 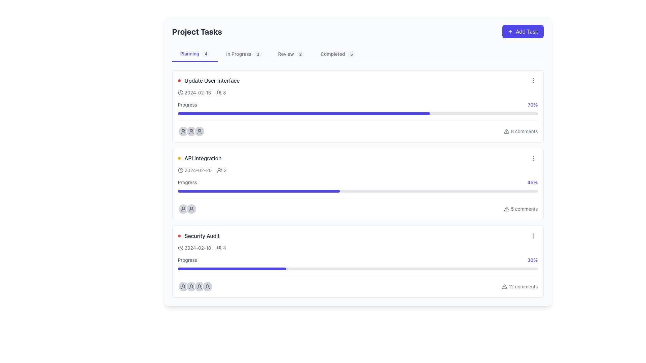 What do you see at coordinates (191, 286) in the screenshot?
I see `the second circular user profile icon with a stylized human silhouette in the 'Security Audit' task section` at bounding box center [191, 286].